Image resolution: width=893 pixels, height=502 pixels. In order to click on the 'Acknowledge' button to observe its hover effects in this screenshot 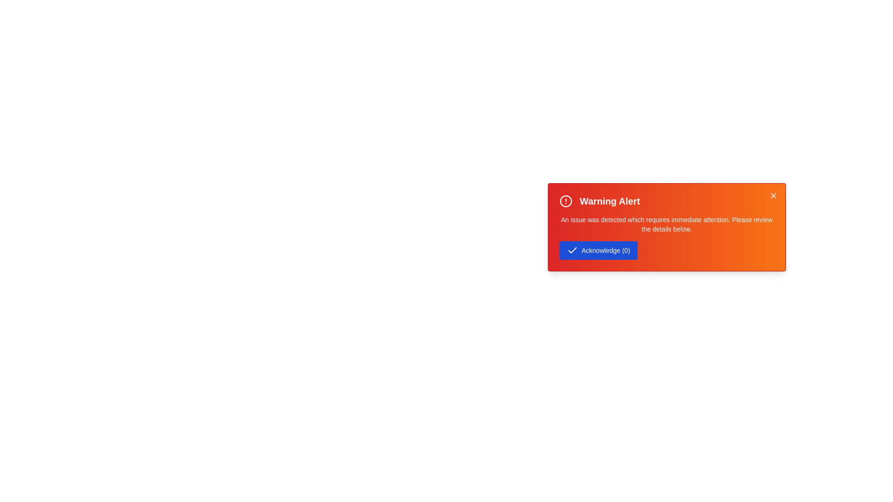, I will do `click(598, 250)`.